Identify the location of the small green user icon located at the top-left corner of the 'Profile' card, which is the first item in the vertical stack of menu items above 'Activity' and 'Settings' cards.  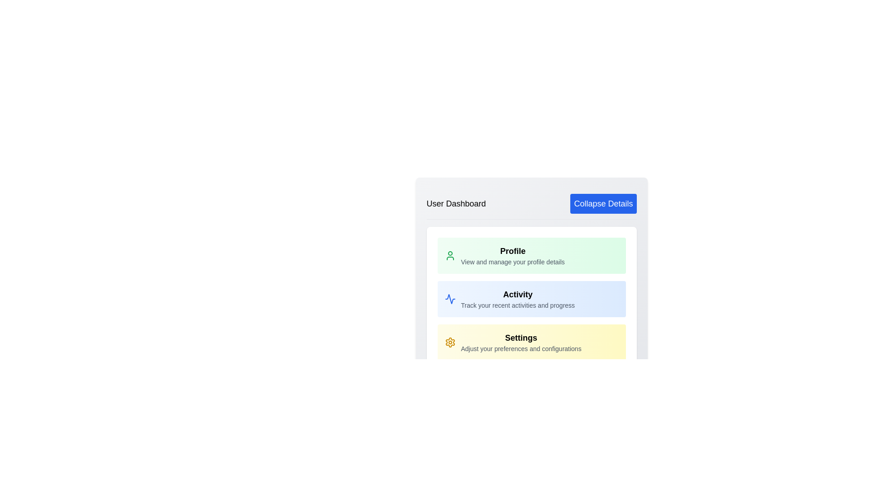
(450, 256).